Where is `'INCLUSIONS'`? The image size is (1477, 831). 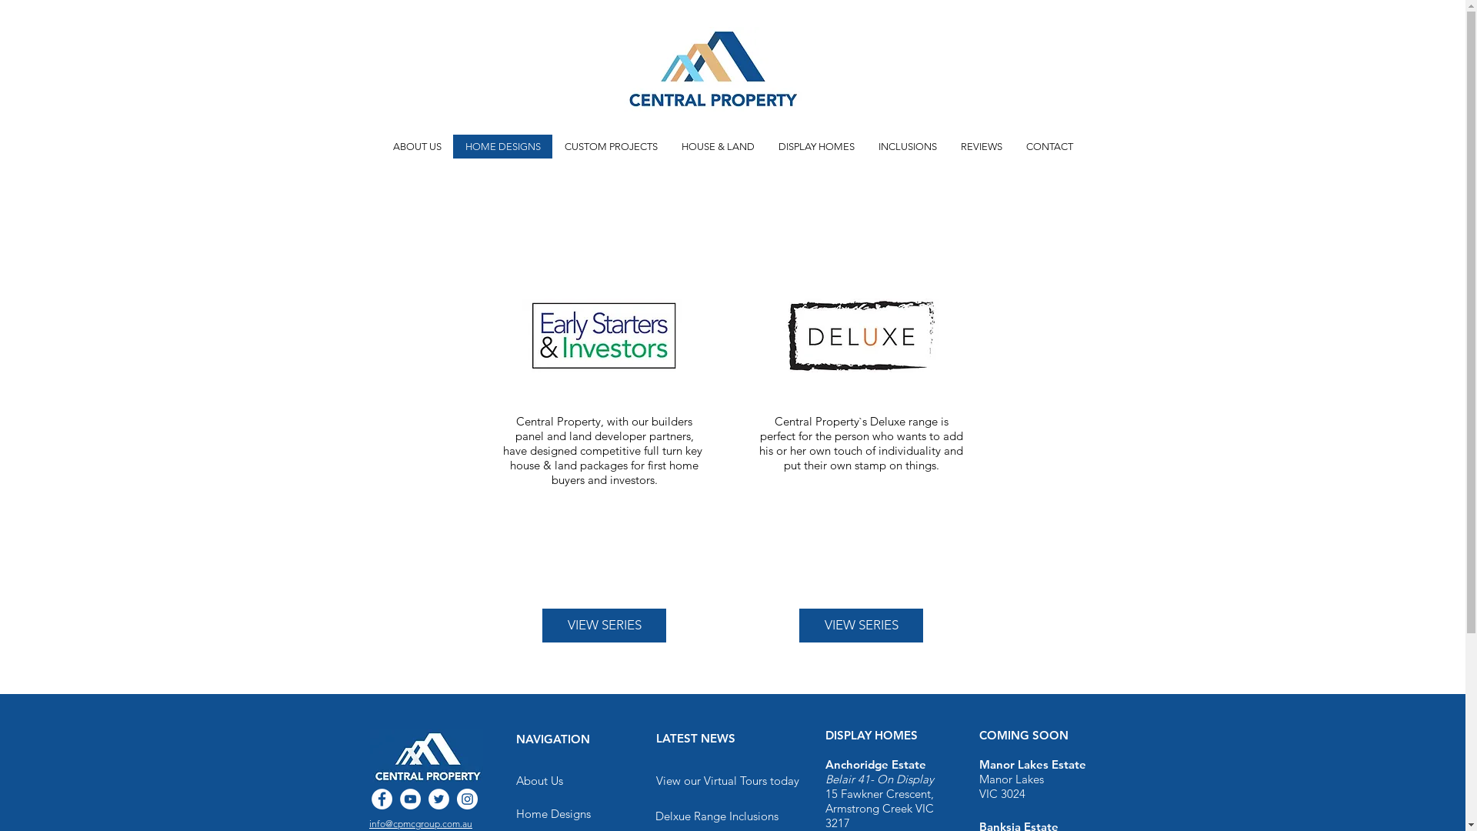 'INCLUSIONS' is located at coordinates (907, 146).